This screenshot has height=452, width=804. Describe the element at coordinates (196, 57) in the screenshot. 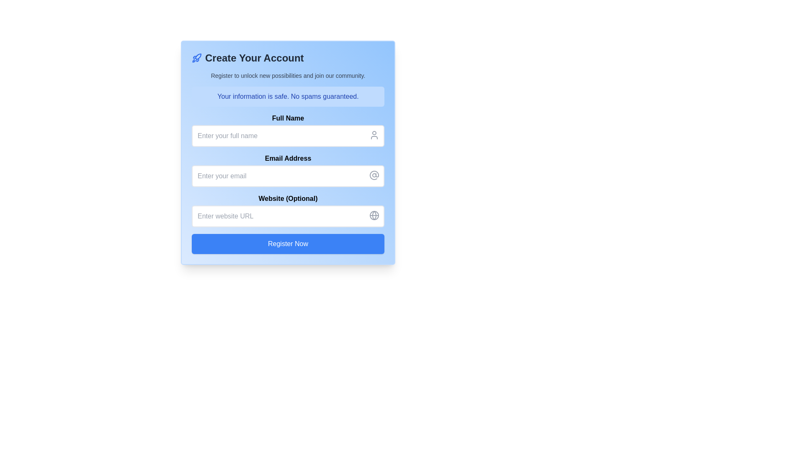

I see `the blue outlined rocket icon to the left of 'Create Your Account' in the registration form header` at that location.